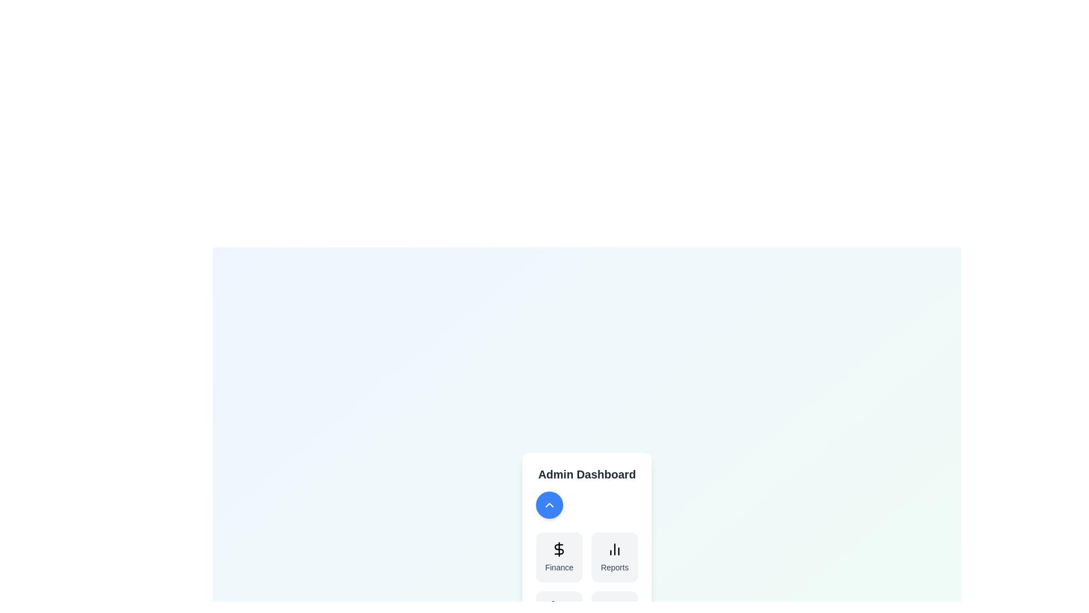 This screenshot has width=1089, height=613. Describe the element at coordinates (614, 557) in the screenshot. I see `the button labeled Reports to observe its visual change` at that location.